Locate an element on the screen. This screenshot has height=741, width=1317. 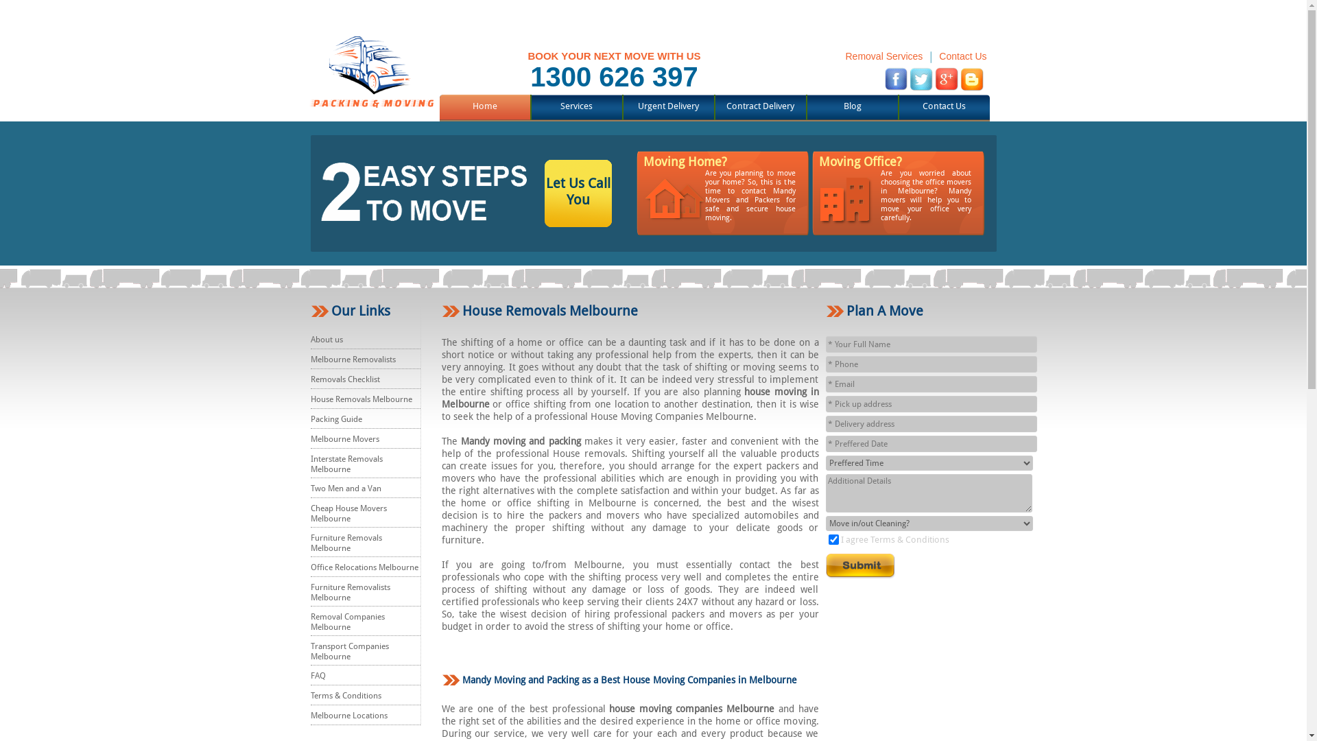
'Interstate Removals Melbourne' is located at coordinates (346, 463).